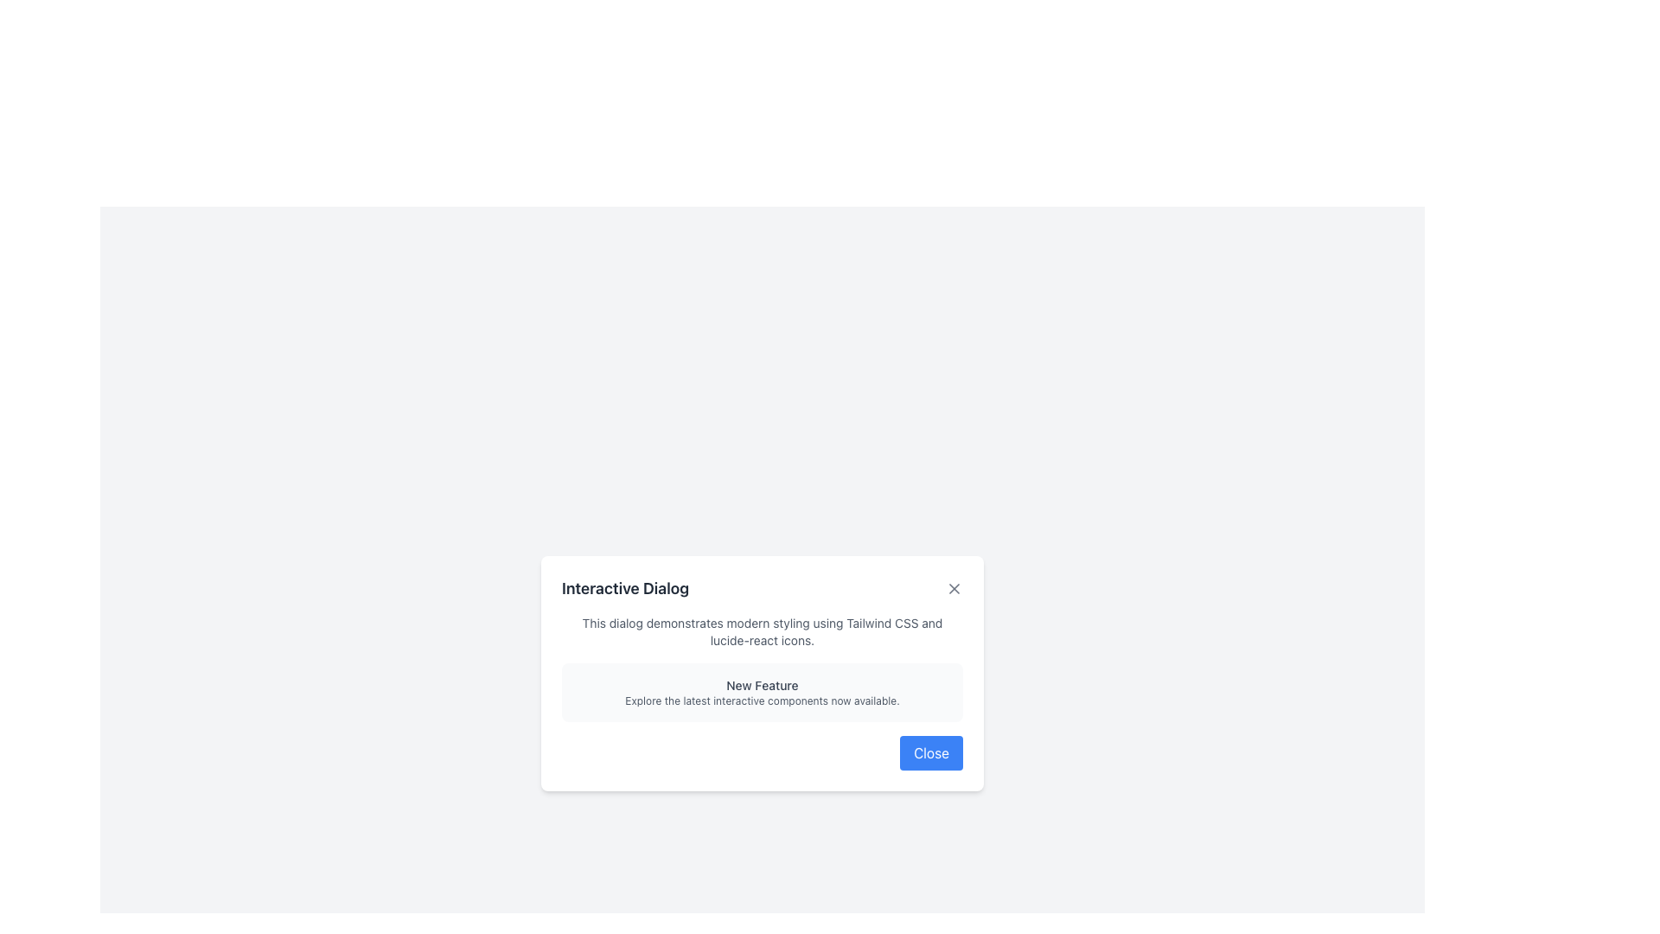  Describe the element at coordinates (762, 700) in the screenshot. I see `the static text providing informative details about the feature announcement located directly underneath the 'New Feature' text` at that location.